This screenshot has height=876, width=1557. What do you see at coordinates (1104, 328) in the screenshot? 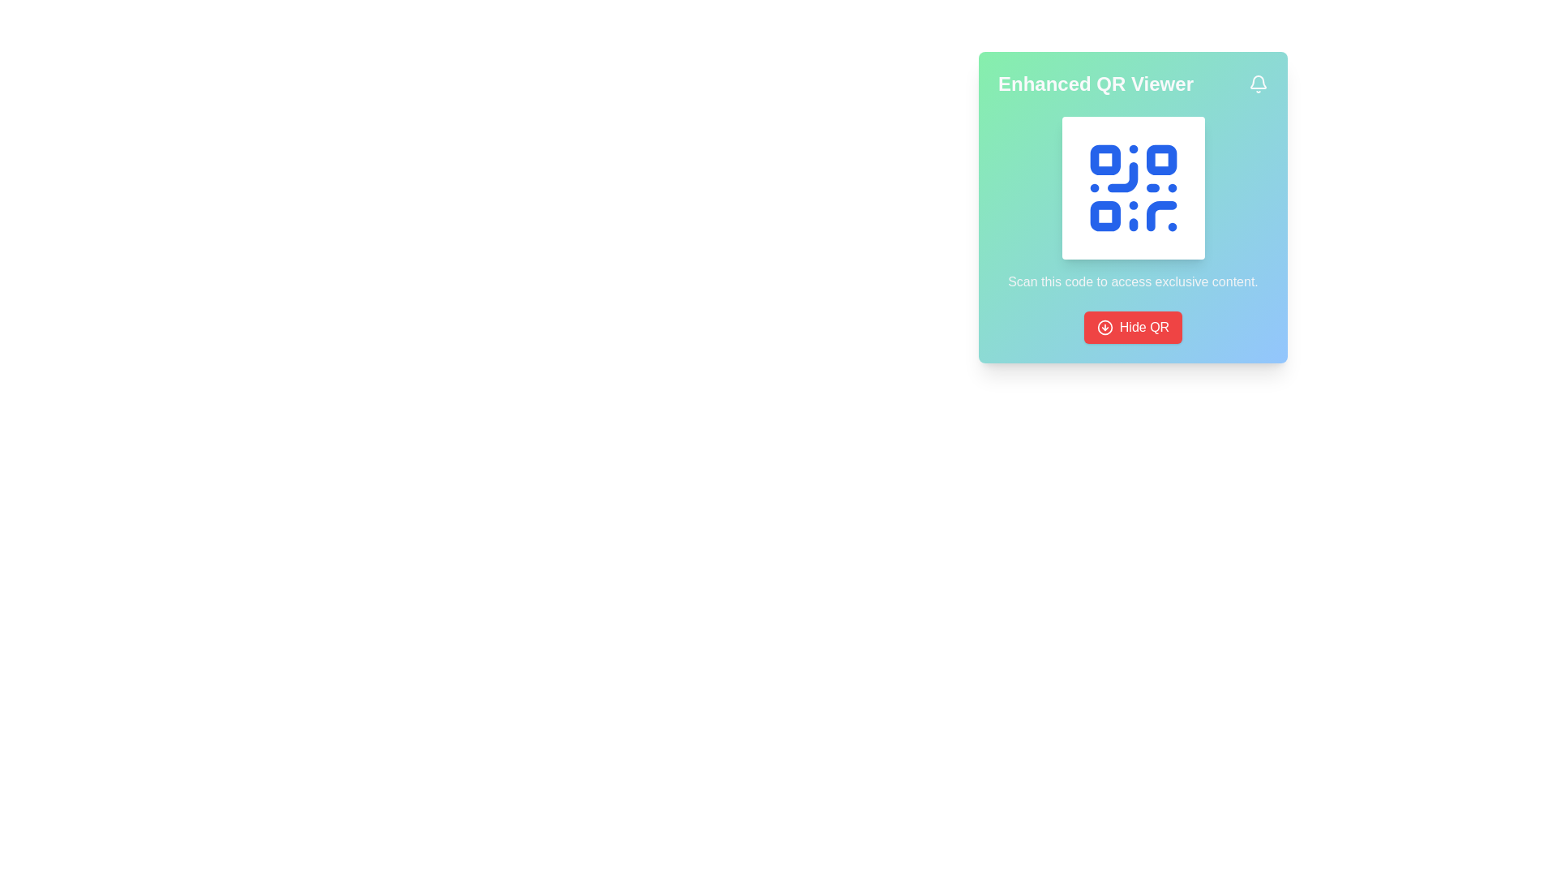
I see `the downward action icon located on the left side of the 'Hide QR' text within the red button` at bounding box center [1104, 328].